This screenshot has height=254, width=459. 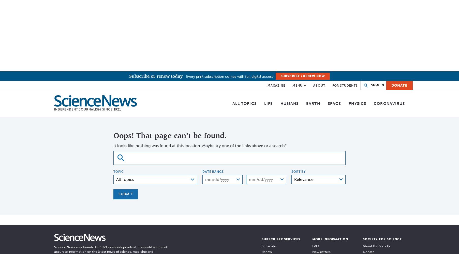 What do you see at coordinates (276, 85) in the screenshot?
I see `'Magazine'` at bounding box center [276, 85].